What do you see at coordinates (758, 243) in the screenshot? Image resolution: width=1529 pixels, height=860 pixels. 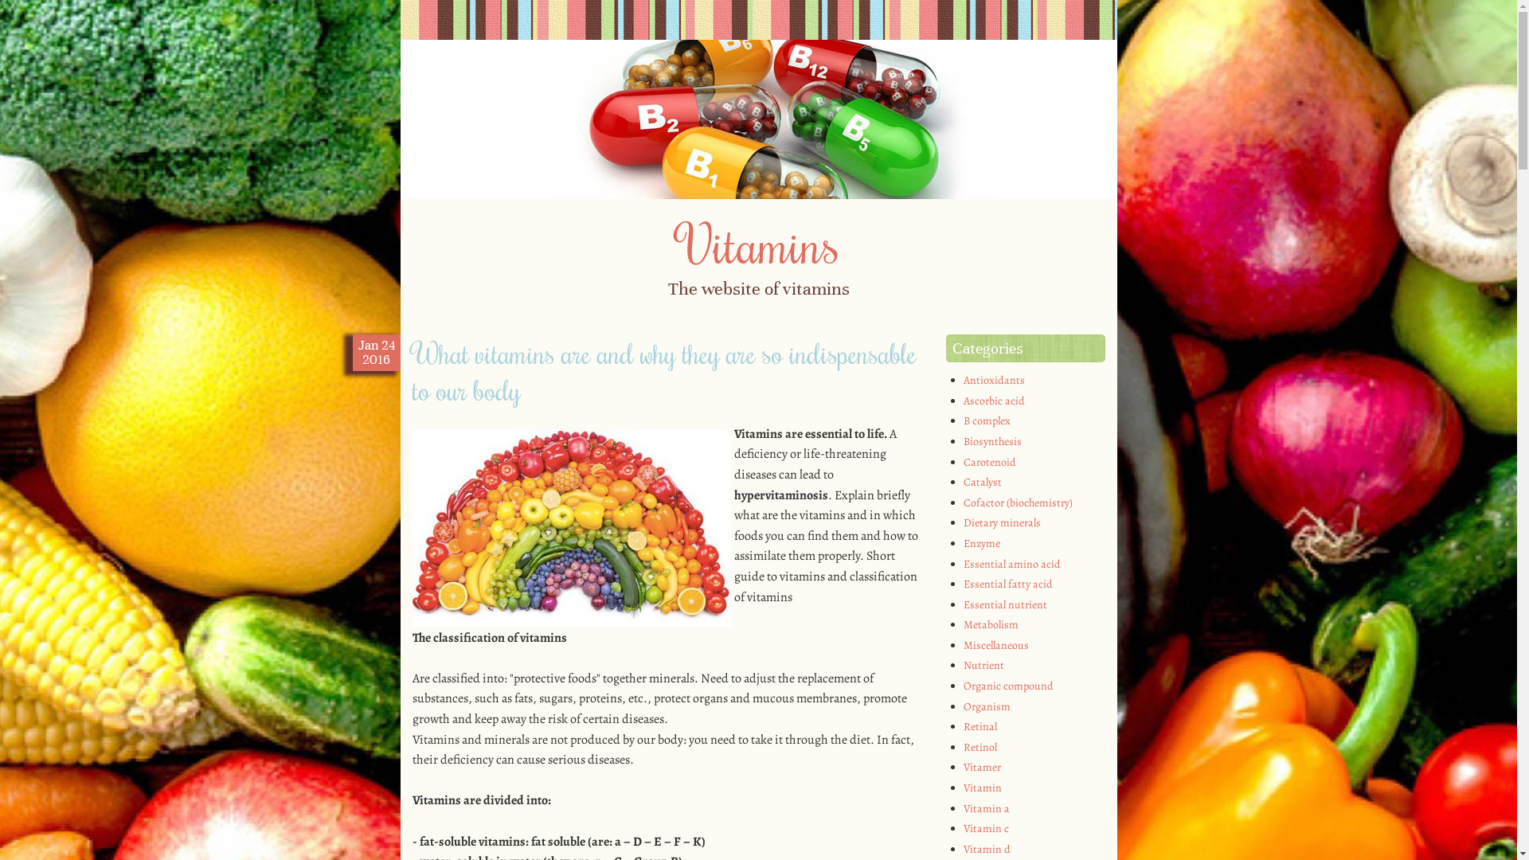 I see `'Vitamins'` at bounding box center [758, 243].